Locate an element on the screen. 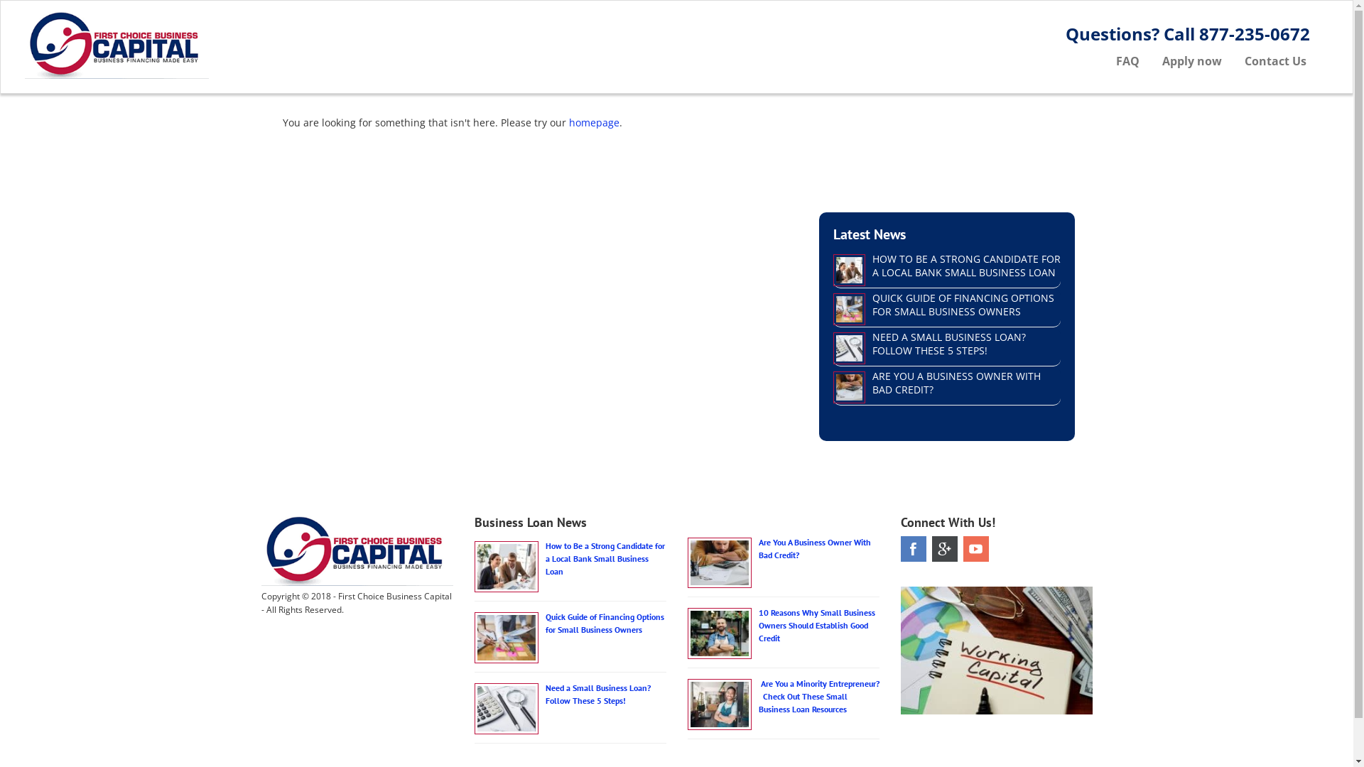 The image size is (1364, 767). 'QUICK GUIDE OF FINANCING OPTIONS FOR SMALL BUSINESS OWNERS' is located at coordinates (872, 303).